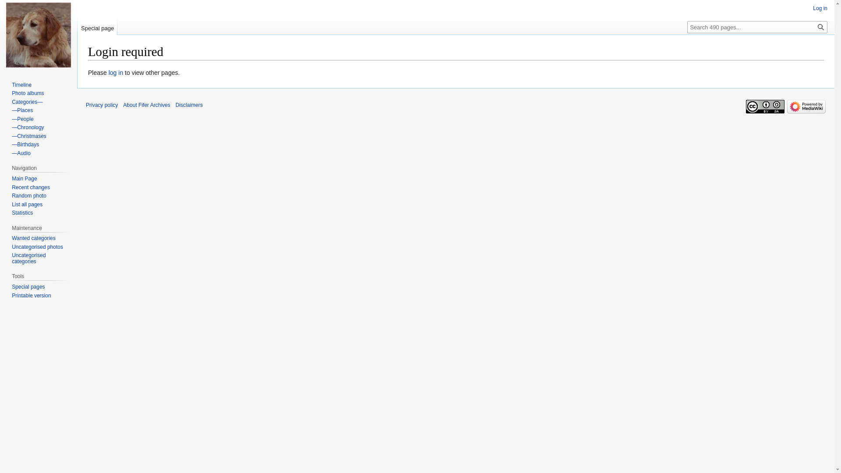  What do you see at coordinates (33, 238) in the screenshot?
I see `'Wanted categories'` at bounding box center [33, 238].